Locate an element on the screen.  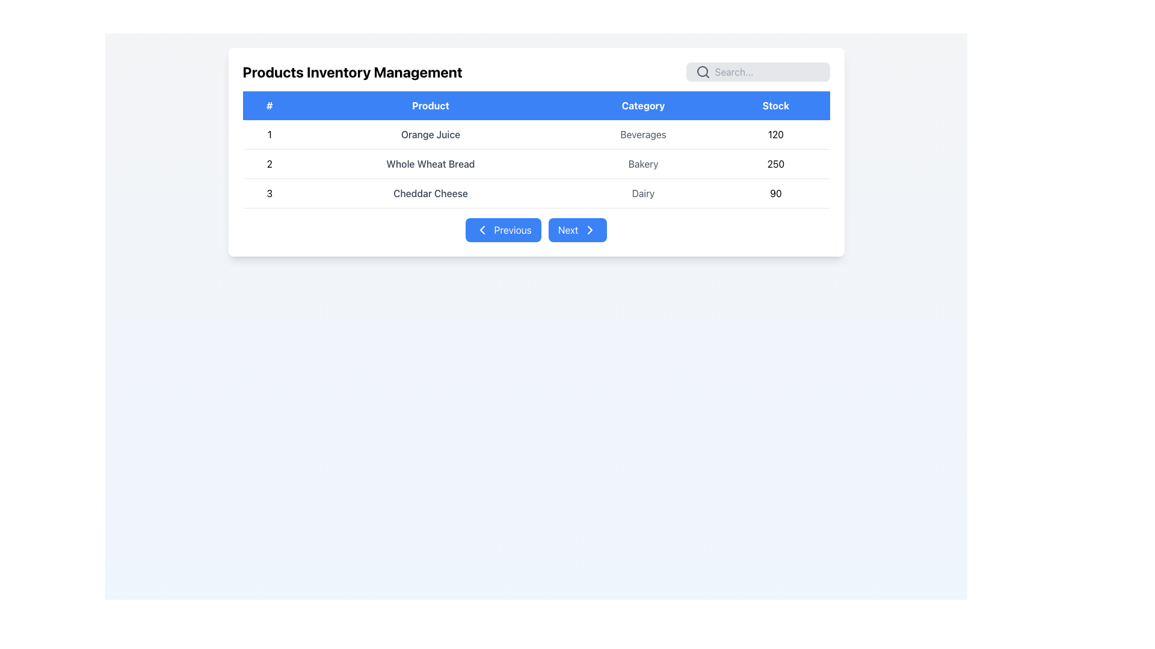
the text label displaying the number '2' in bold font, located in the first cell of the second row under the '#' column of the table for 'Whole Wheat Bread' is located at coordinates (269, 164).